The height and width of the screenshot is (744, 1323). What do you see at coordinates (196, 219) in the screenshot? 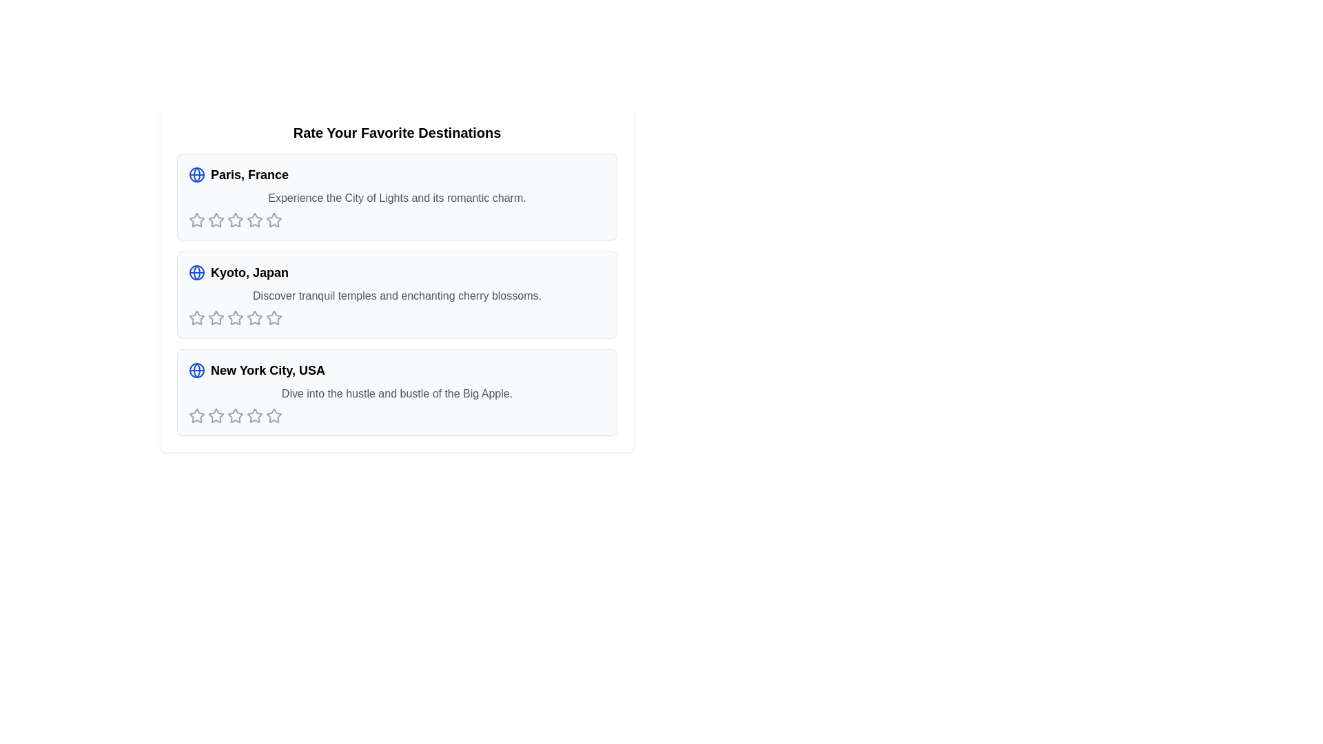
I see `the first star icon in the rating section for the destination 'Paris, France' located in the topmost card of the vertically stacked list` at bounding box center [196, 219].